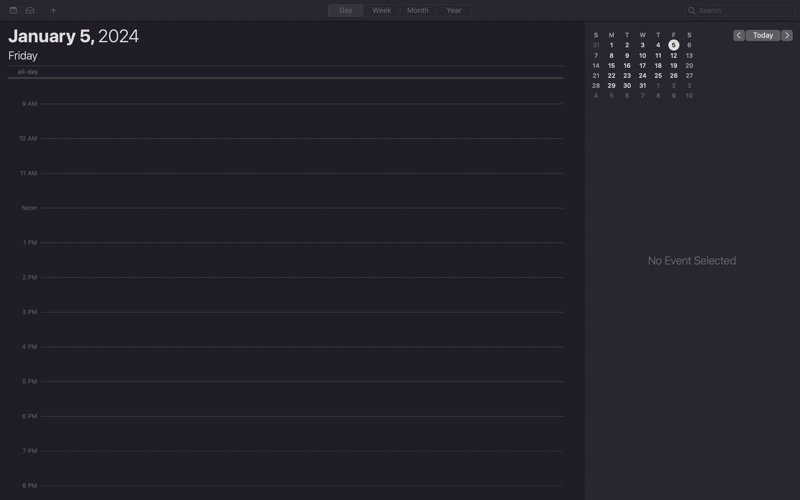 The width and height of the screenshot is (800, 500). I want to click on the number 31, so click(644, 86).